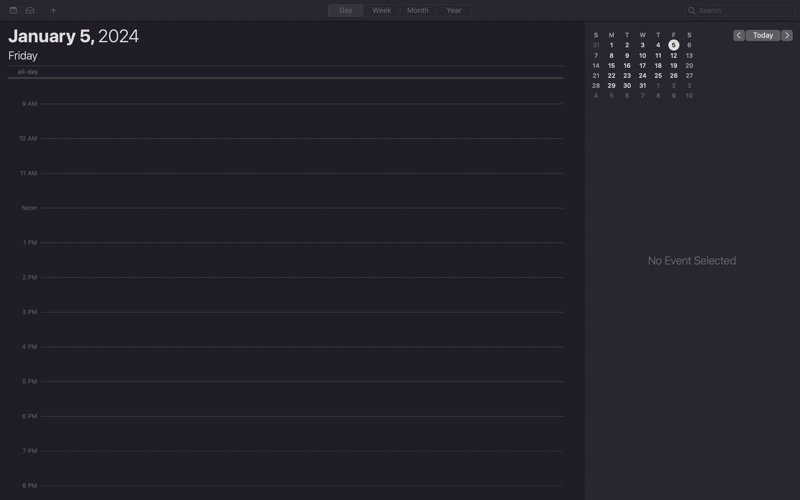 The width and height of the screenshot is (800, 500). I want to click on the number 31, so click(644, 86).